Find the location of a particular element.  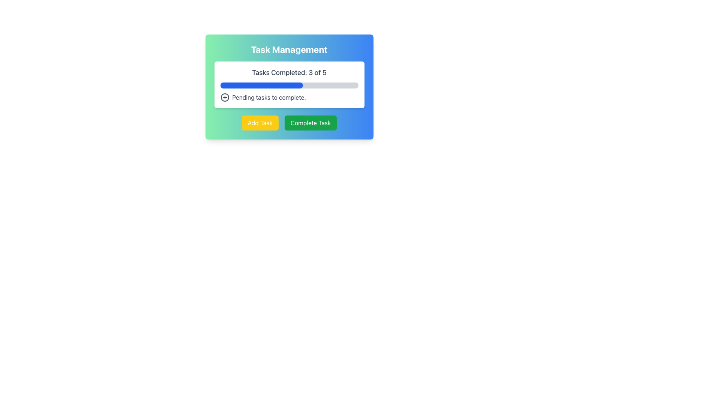

text displayed on the Label with an icon that shows pending tasks, located beneath the progress bar and above the 'Add Task' and 'Complete Task' buttons is located at coordinates (289, 97).